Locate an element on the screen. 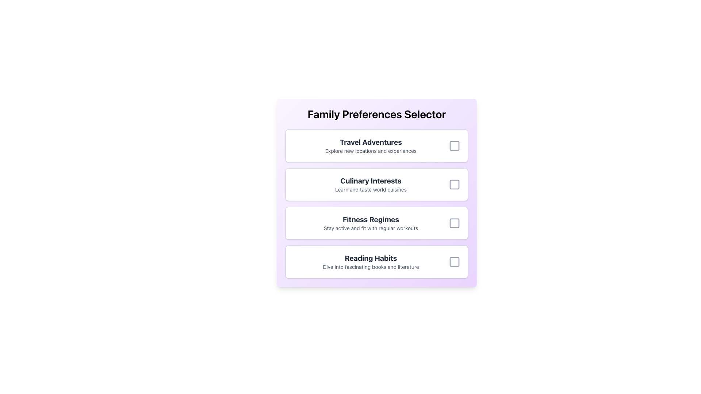 The image size is (701, 394). the detailed description of the 'Culinary Interests' selectable card located in the 'Family Preferences Selector' interface, which is the second card in a vertical list is located at coordinates (377, 192).